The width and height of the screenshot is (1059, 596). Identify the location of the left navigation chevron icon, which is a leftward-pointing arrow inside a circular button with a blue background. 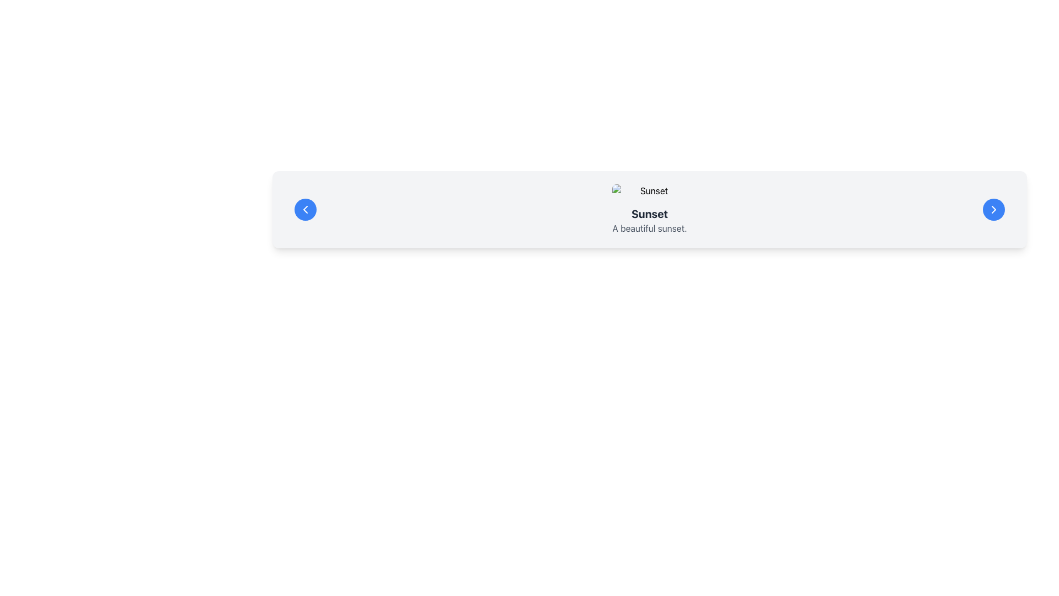
(305, 210).